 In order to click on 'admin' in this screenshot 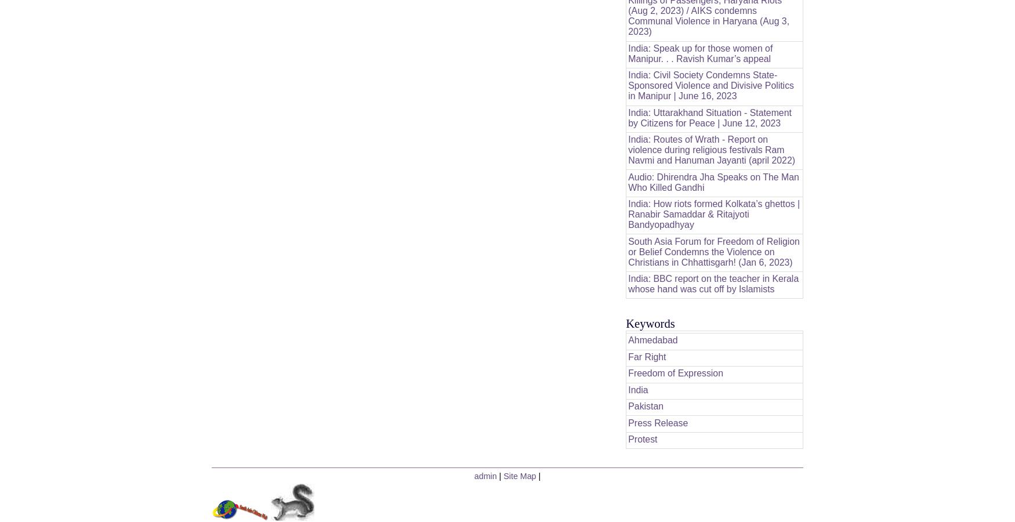, I will do `click(485, 475)`.